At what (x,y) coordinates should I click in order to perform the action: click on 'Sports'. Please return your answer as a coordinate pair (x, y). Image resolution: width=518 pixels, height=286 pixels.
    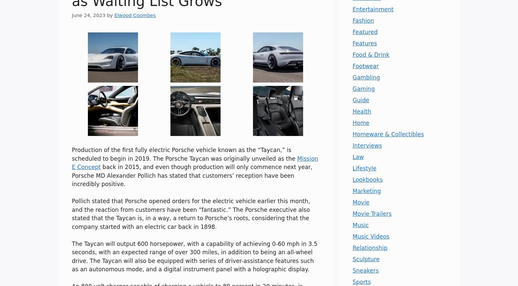
    Looking at the image, I should click on (362, 282).